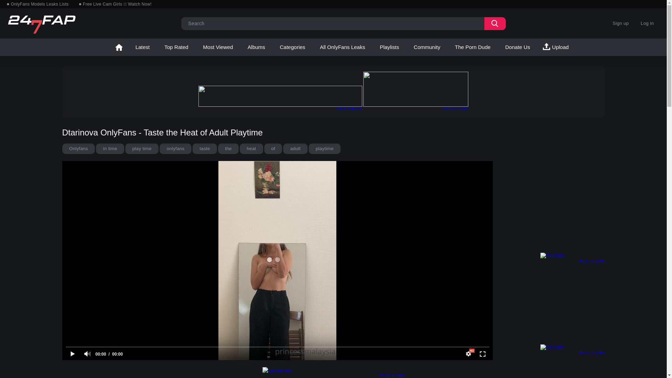  What do you see at coordinates (110, 47) in the screenshot?
I see `'Home'` at bounding box center [110, 47].